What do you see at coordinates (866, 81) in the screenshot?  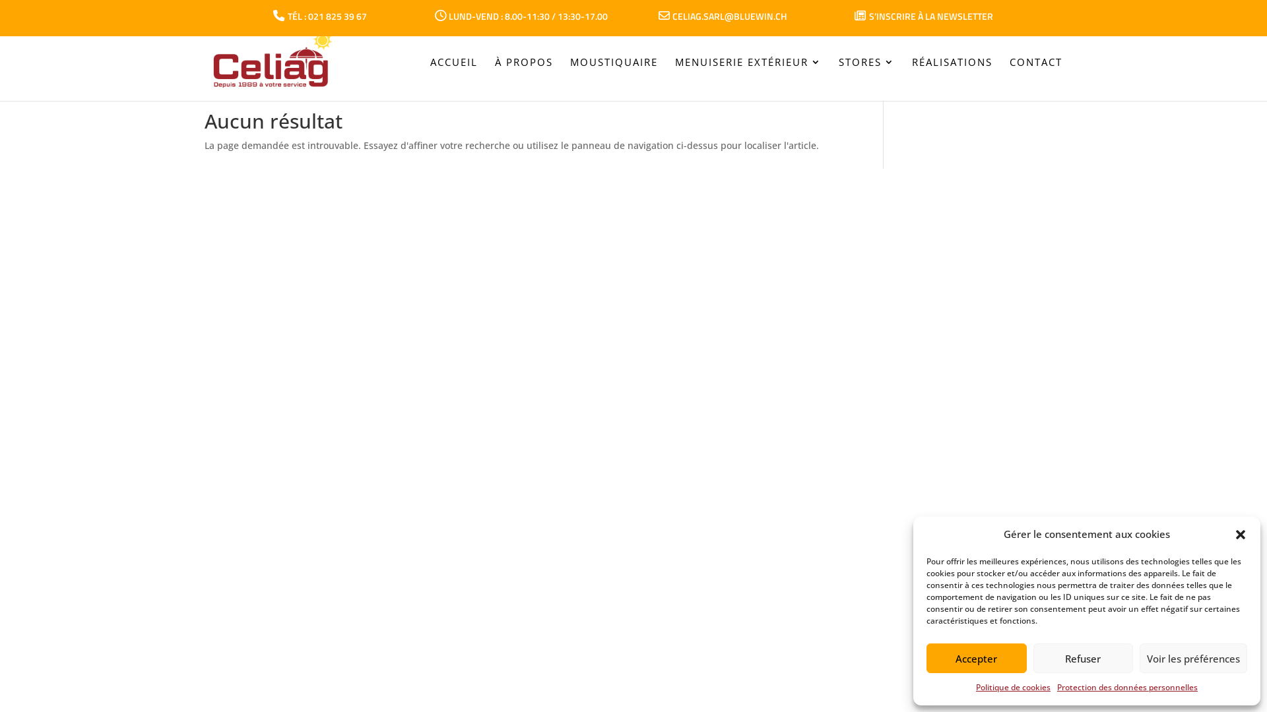 I see `'STORES'` at bounding box center [866, 81].